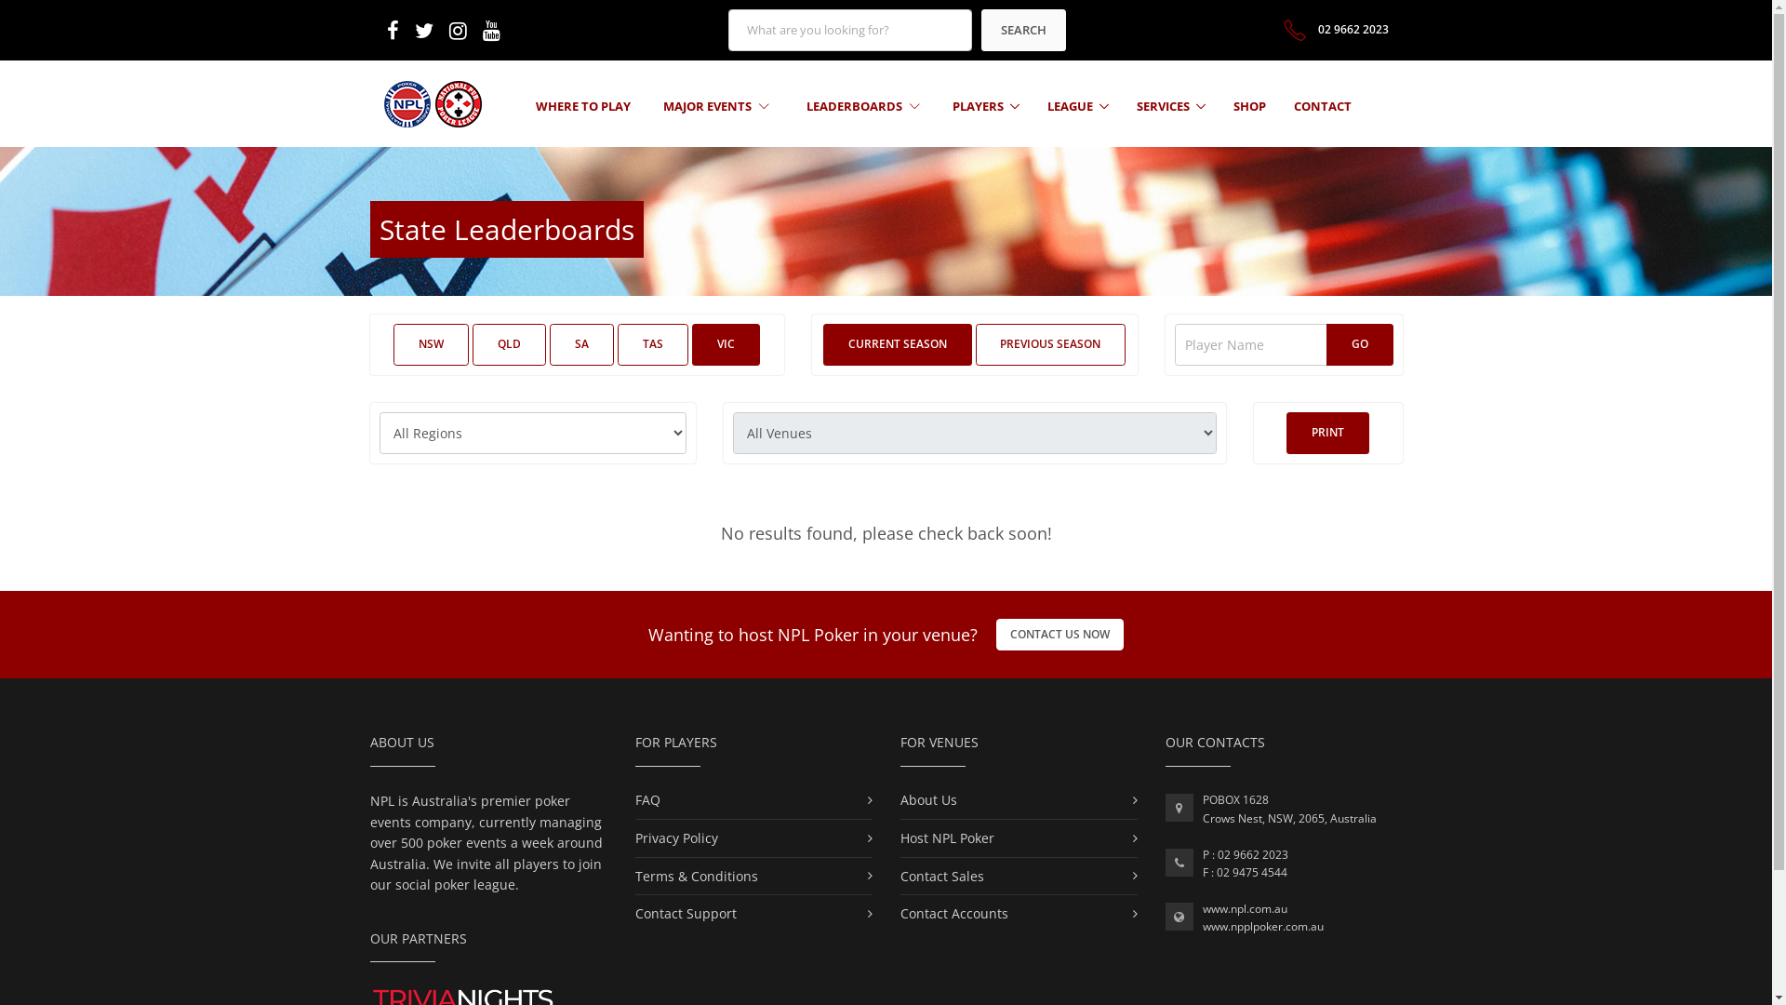  Describe the element at coordinates (652, 344) in the screenshot. I see `'TAS'` at that location.